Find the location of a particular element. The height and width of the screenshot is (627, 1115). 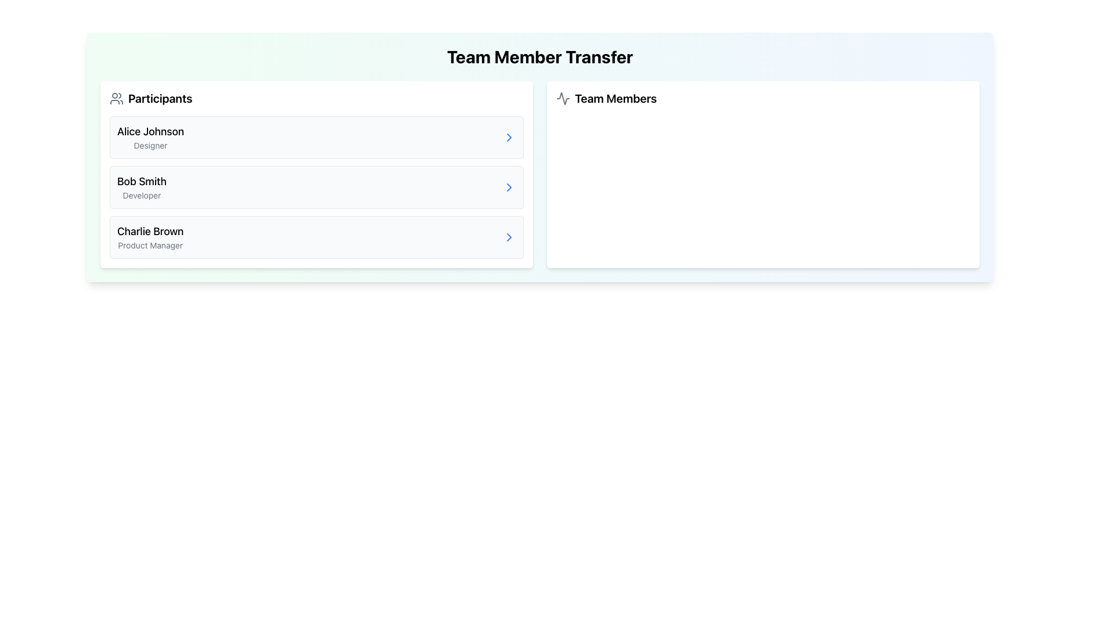

the static text label that contains the text 'Team Members', which is bold and slightly larger, located in the top-right section of the header next to an icon is located at coordinates (615, 98).